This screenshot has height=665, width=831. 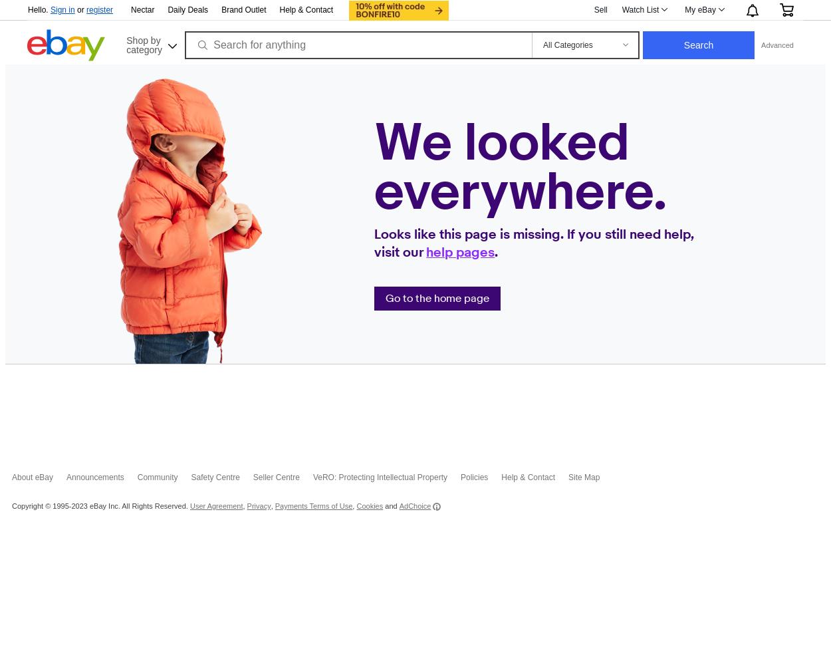 I want to click on 'We looked everywhere.', so click(x=521, y=168).